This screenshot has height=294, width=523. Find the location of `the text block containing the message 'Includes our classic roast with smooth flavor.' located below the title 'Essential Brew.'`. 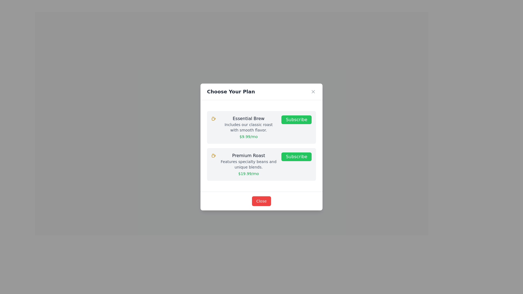

the text block containing the message 'Includes our classic roast with smooth flavor.' located below the title 'Essential Brew.' is located at coordinates (248, 127).